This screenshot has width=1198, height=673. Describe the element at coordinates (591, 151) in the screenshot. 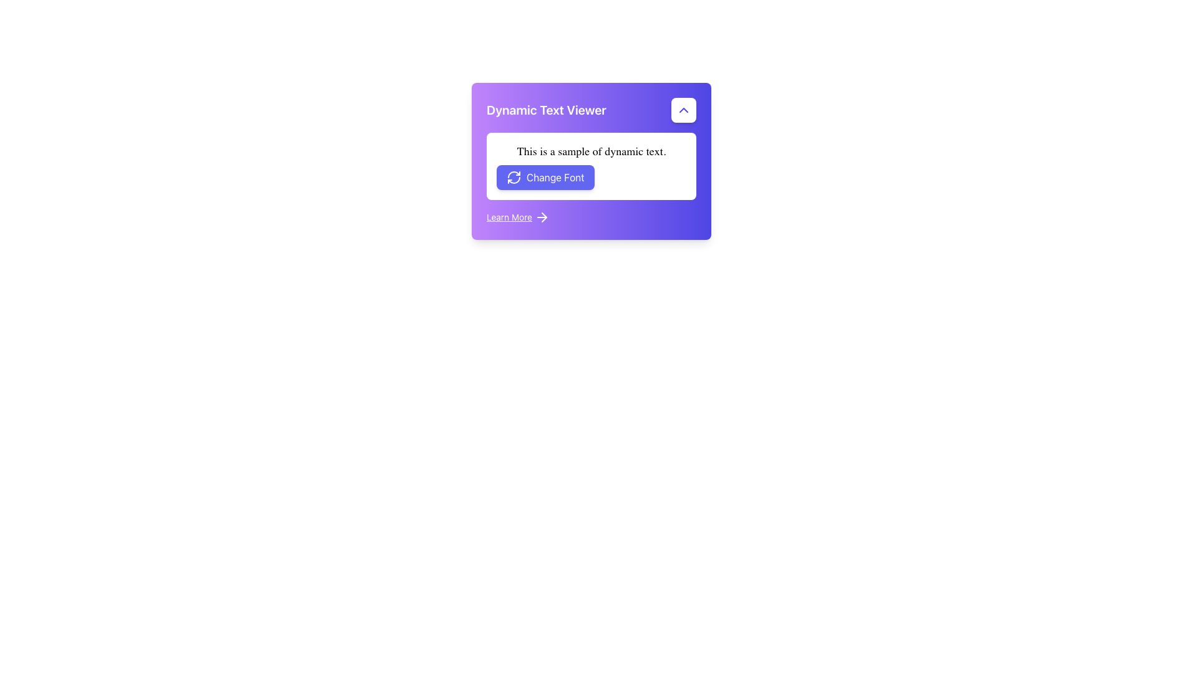

I see `the Text Label that displays sample text dynamically styled, located above the 'Change Font' button in the 'Dynamic Text Viewer' card` at that location.